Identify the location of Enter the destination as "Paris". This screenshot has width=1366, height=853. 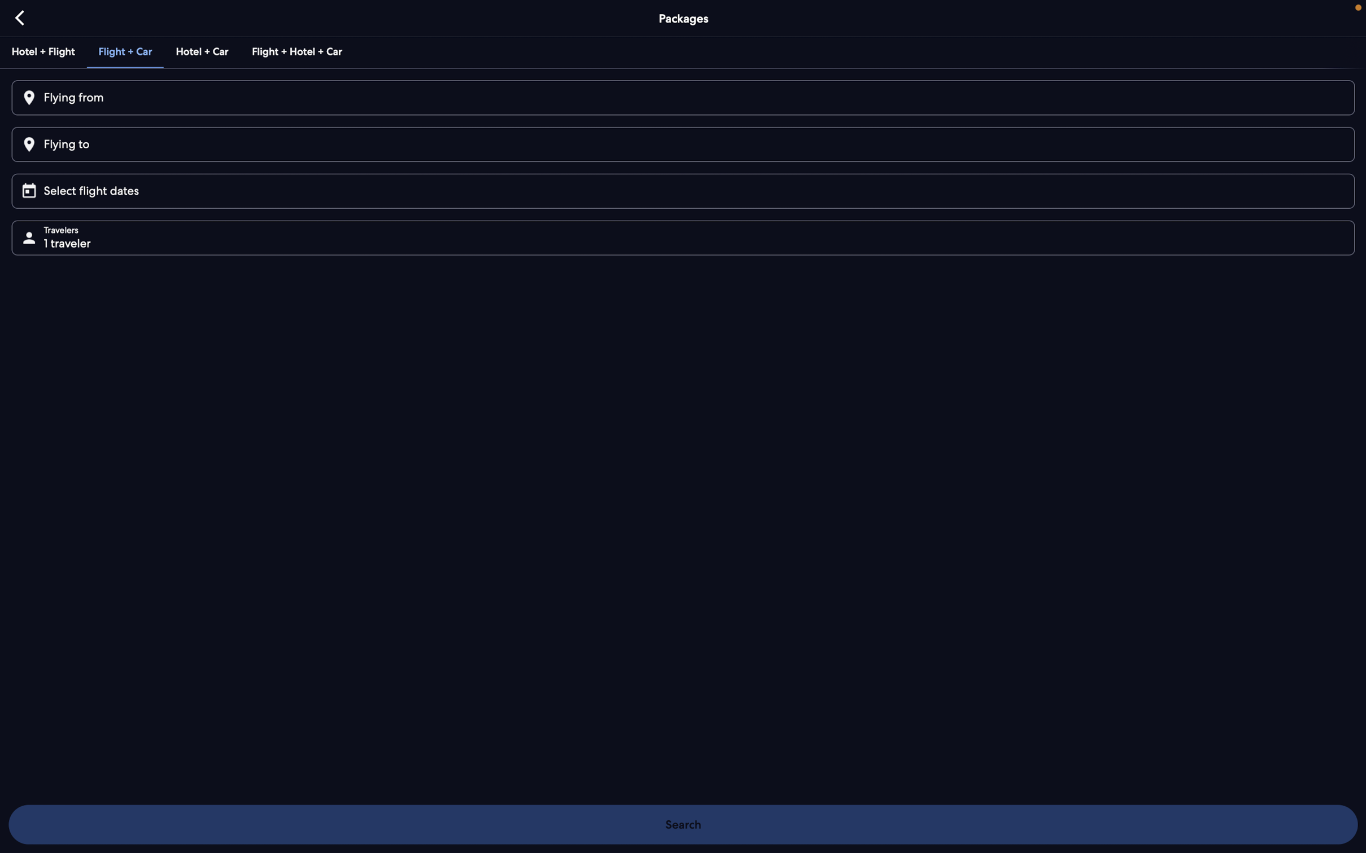
(681, 144).